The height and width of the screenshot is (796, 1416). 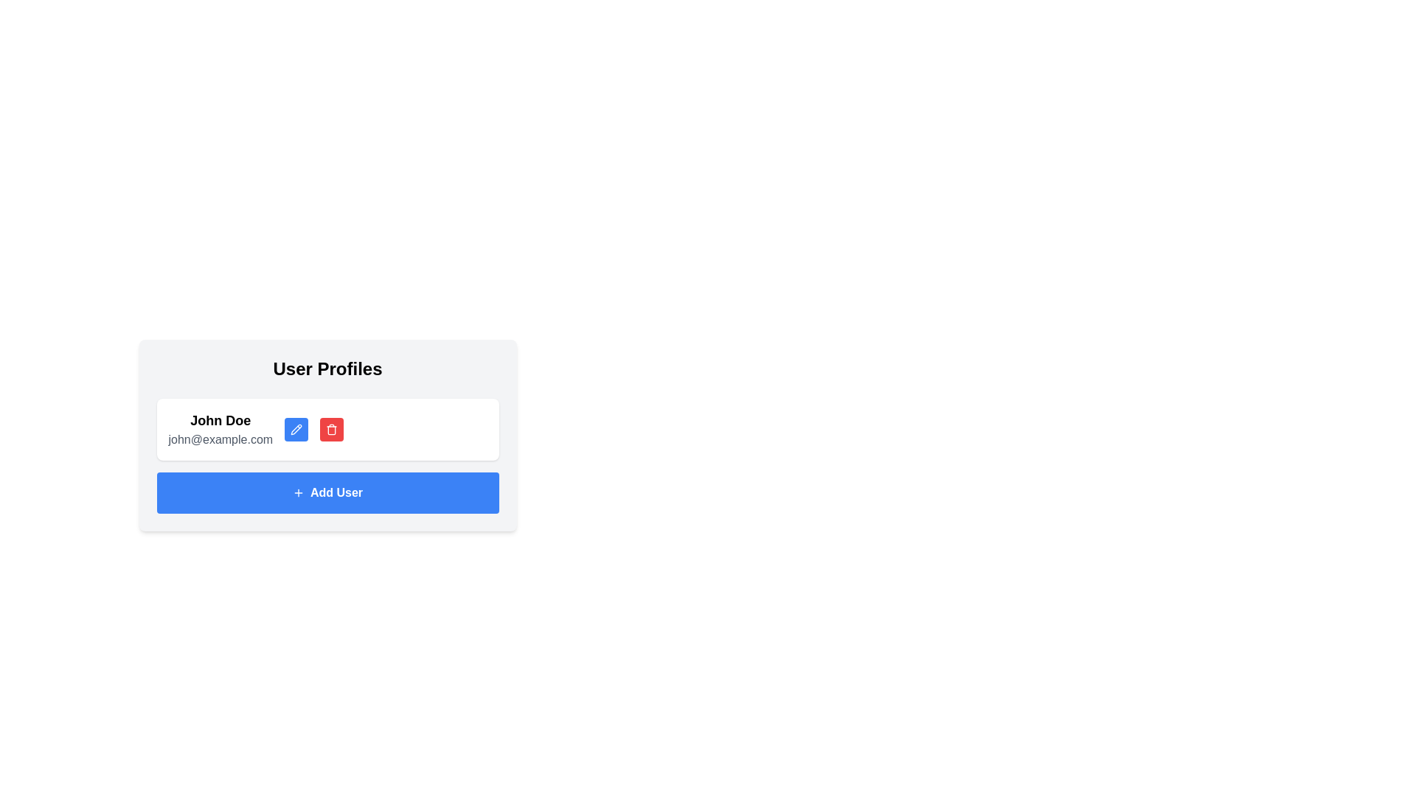 What do you see at coordinates (331, 429) in the screenshot?
I see `the small red square button with a trash bin icon` at bounding box center [331, 429].